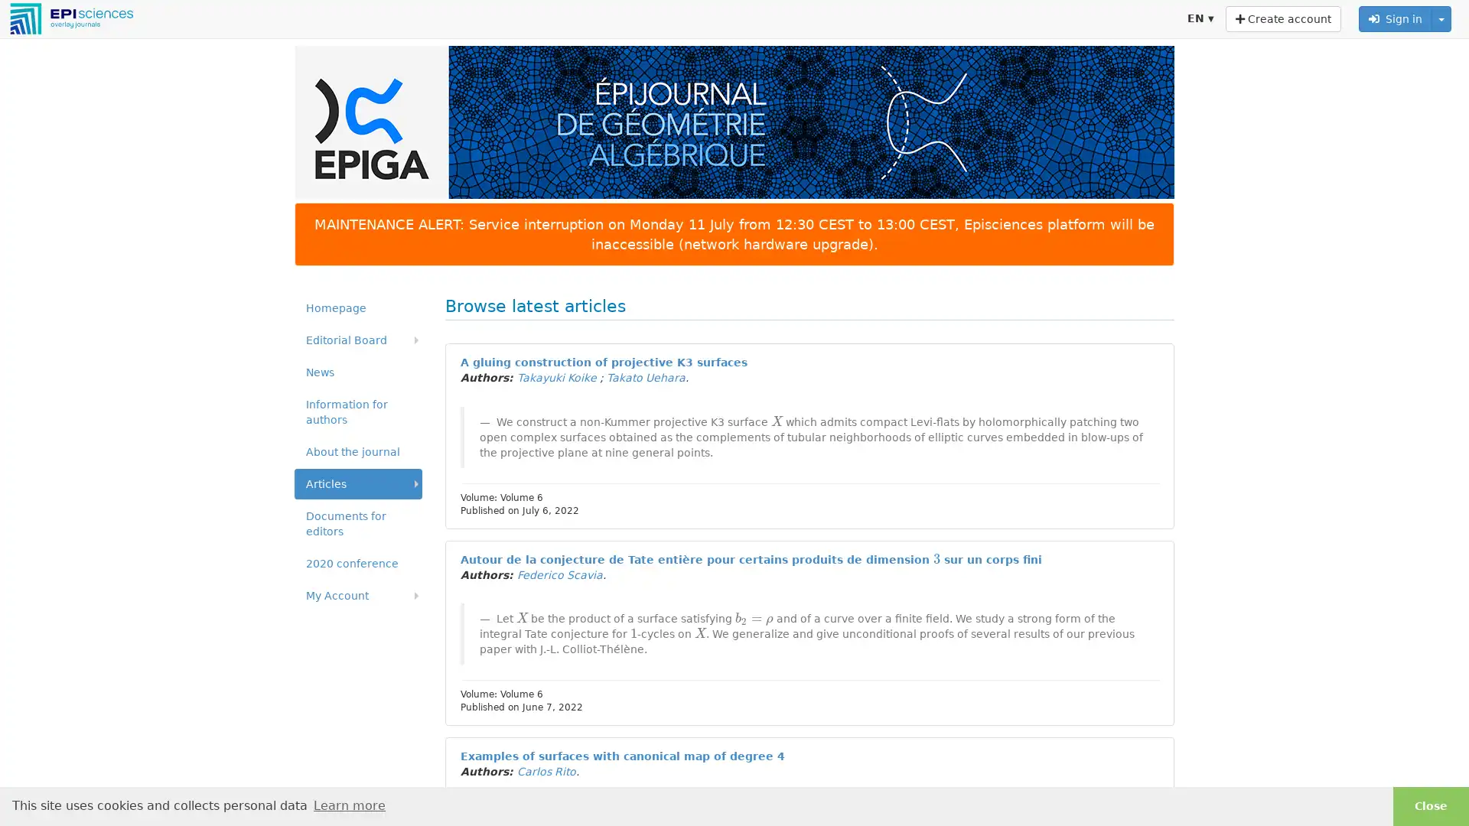  I want to click on Sign in, so click(1396, 18).